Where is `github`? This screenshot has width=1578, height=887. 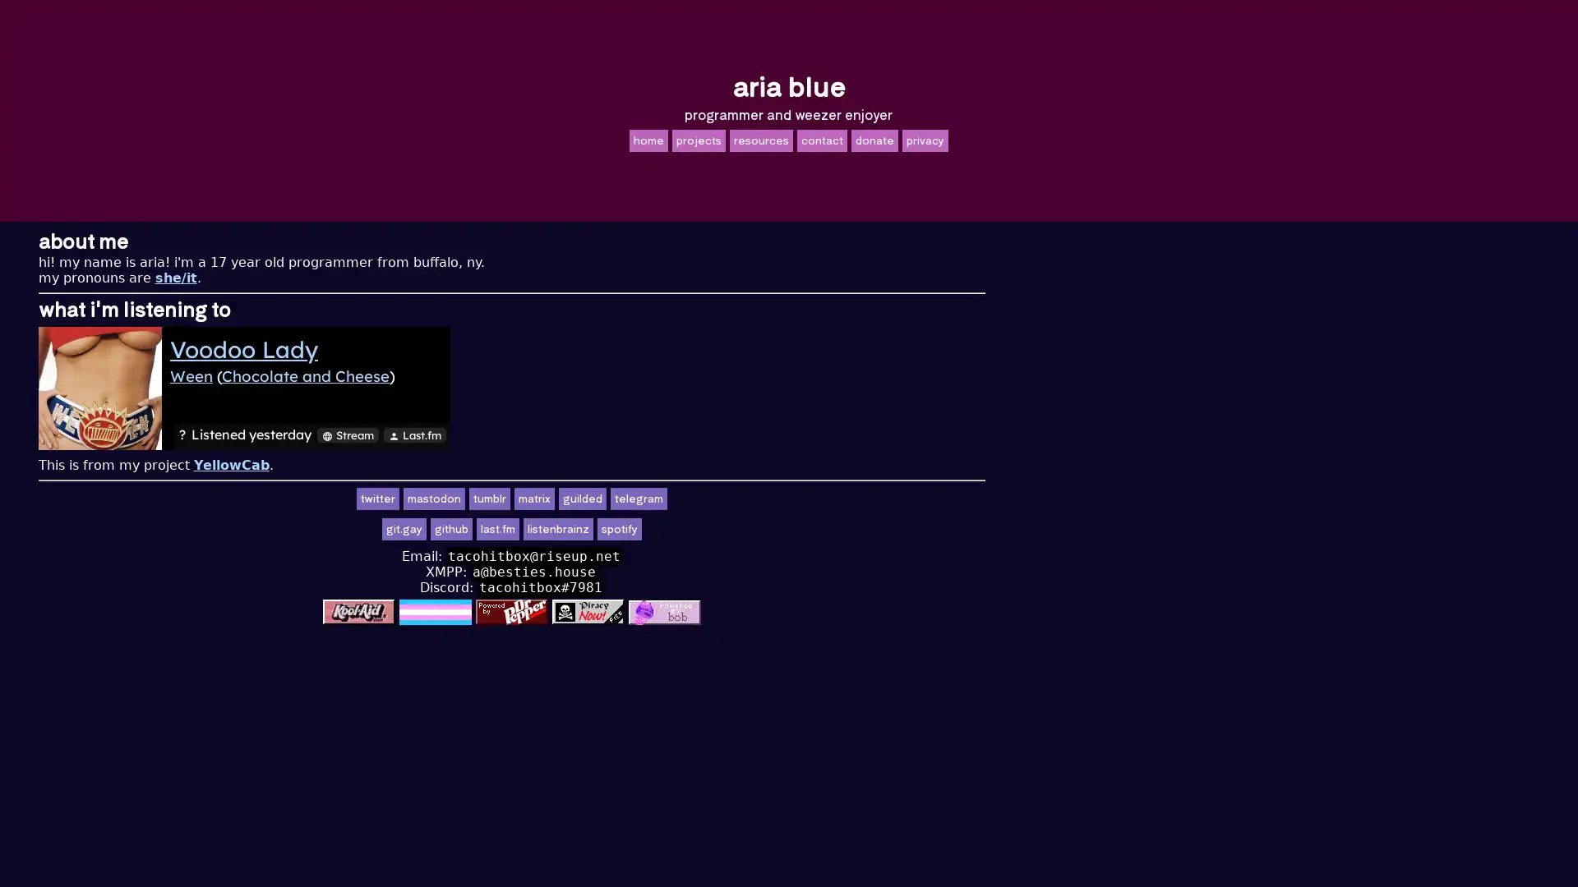
github is located at coordinates (727, 529).